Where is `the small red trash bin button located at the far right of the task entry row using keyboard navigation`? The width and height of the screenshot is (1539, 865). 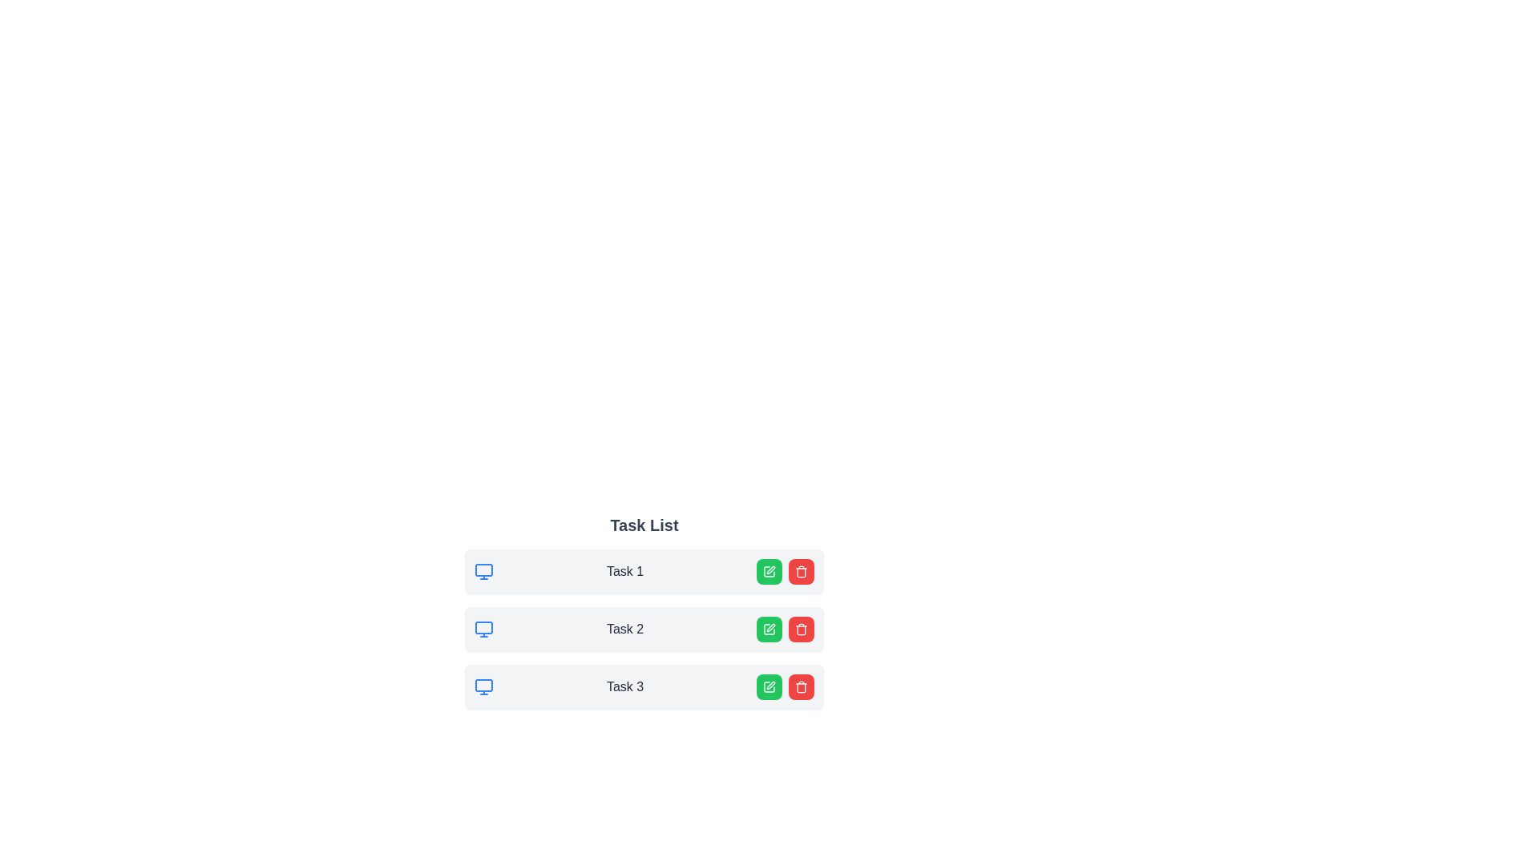
the small red trash bin button located at the far right of the task entry row using keyboard navigation is located at coordinates (801, 629).